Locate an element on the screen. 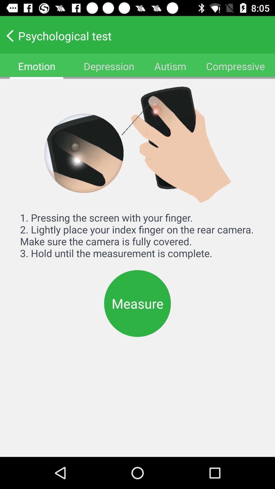 Image resolution: width=275 pixels, height=489 pixels. item to the right of the emotion icon is located at coordinates (108, 66).